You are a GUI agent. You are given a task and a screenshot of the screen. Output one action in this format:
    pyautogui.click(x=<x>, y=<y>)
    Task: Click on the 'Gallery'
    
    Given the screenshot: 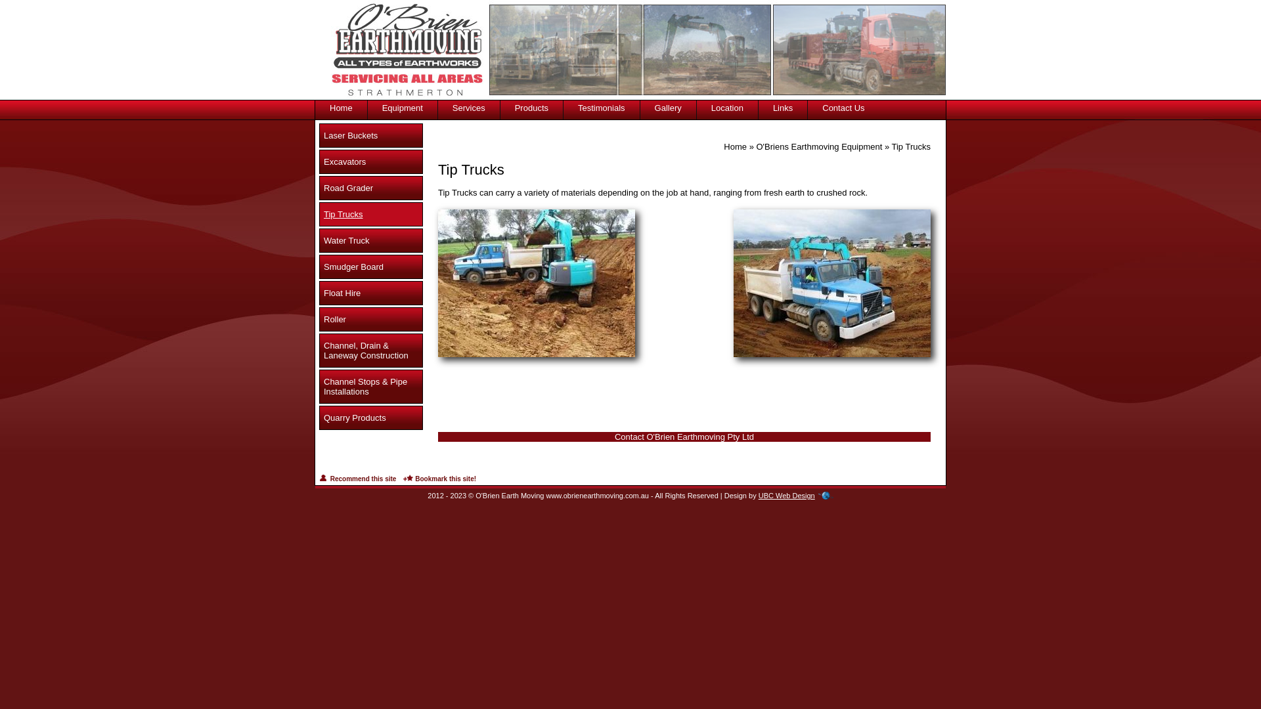 What is the action you would take?
    pyautogui.click(x=668, y=102)
    